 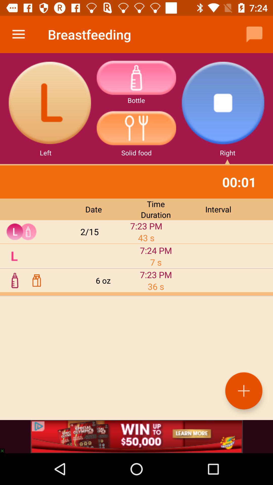 What do you see at coordinates (136, 77) in the screenshot?
I see `the more icon` at bounding box center [136, 77].